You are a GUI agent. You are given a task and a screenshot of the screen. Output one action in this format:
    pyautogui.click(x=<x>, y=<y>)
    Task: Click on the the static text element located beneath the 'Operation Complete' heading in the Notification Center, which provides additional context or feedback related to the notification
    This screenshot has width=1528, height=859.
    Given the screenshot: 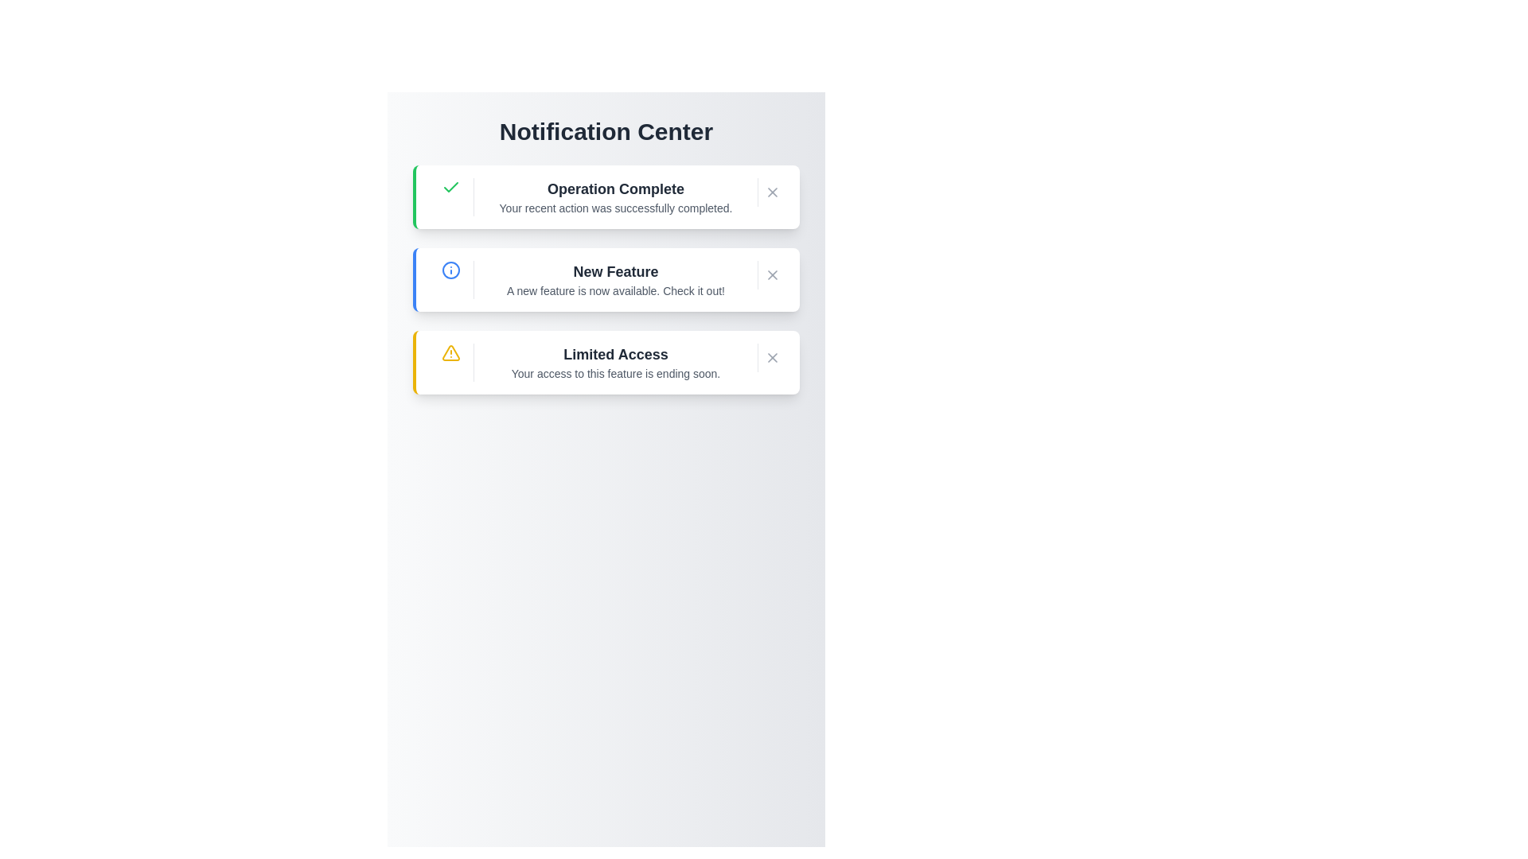 What is the action you would take?
    pyautogui.click(x=614, y=208)
    